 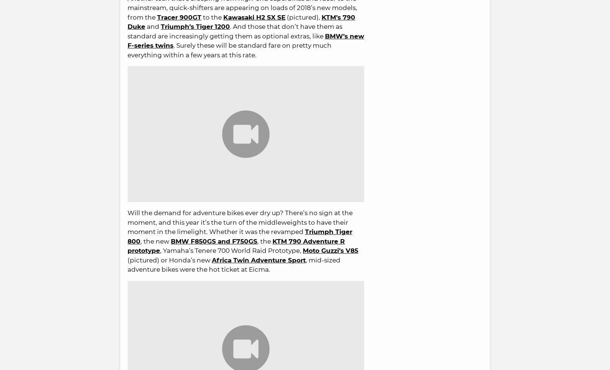 I want to click on 'BMW’s new F-series twins', so click(x=128, y=40).